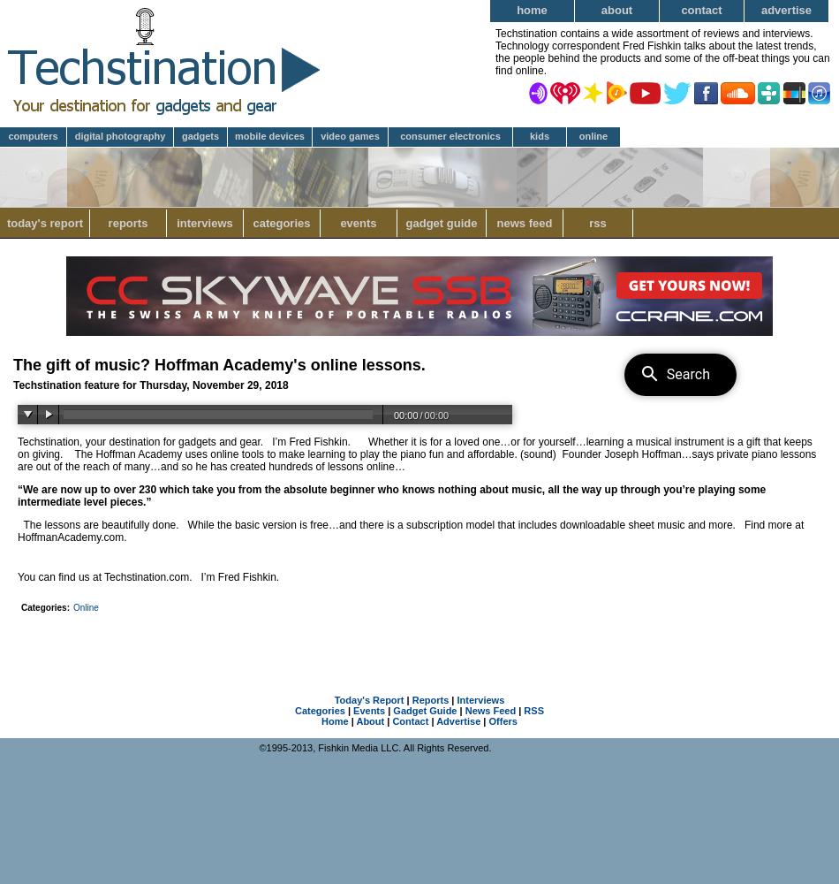  I want to click on 'Whether it is for a loved one…or for yourself…learning a musical instrument is a gift that keeps on giving.', so click(413, 448).